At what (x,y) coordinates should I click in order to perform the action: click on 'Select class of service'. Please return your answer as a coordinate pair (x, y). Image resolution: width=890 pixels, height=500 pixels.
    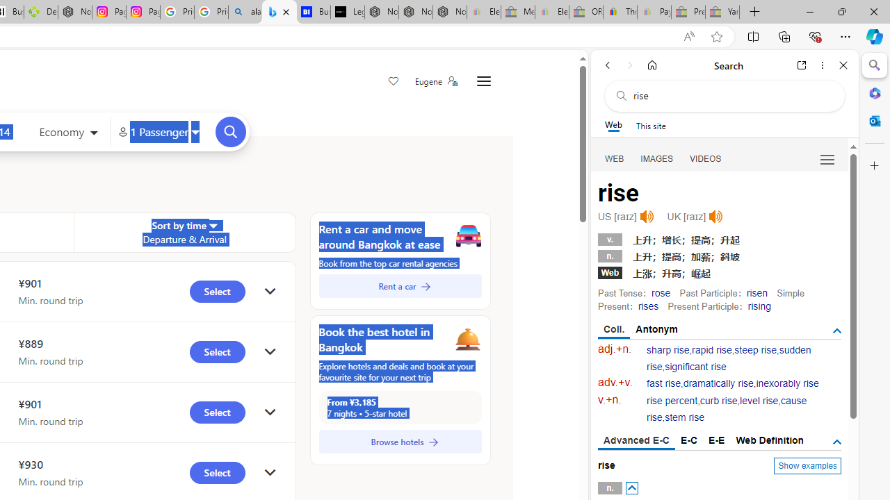
    Looking at the image, I should click on (68, 133).